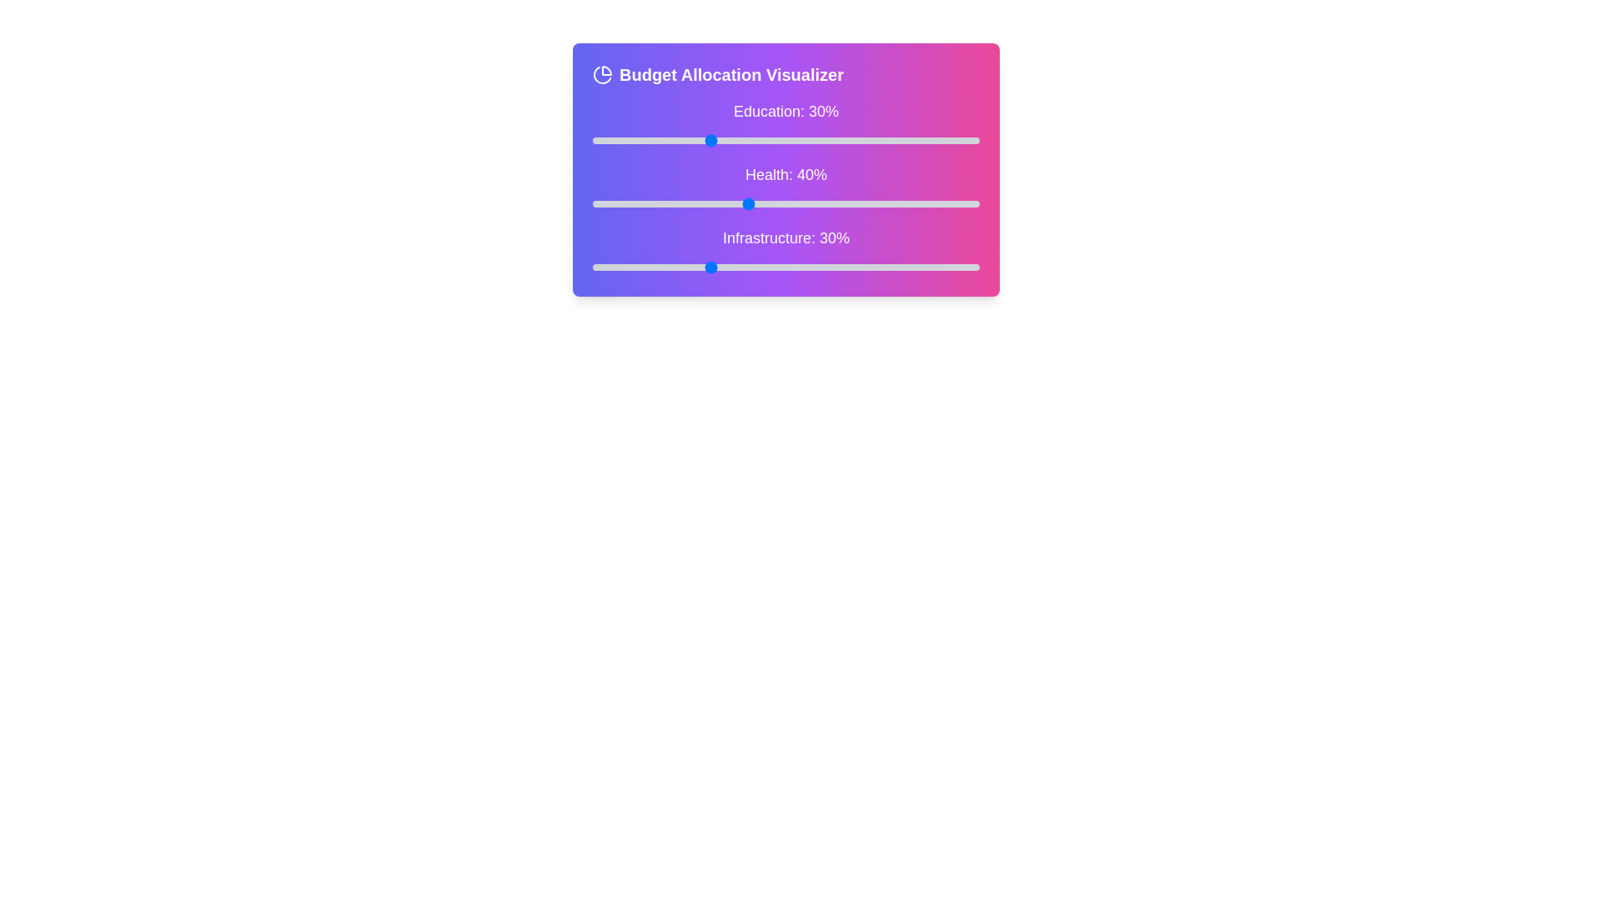 The image size is (1601, 900). Describe the element at coordinates (785, 140) in the screenshot. I see `the range slider below the label 'Education: 30%', which has a gray track and a movable blue thumb` at that location.